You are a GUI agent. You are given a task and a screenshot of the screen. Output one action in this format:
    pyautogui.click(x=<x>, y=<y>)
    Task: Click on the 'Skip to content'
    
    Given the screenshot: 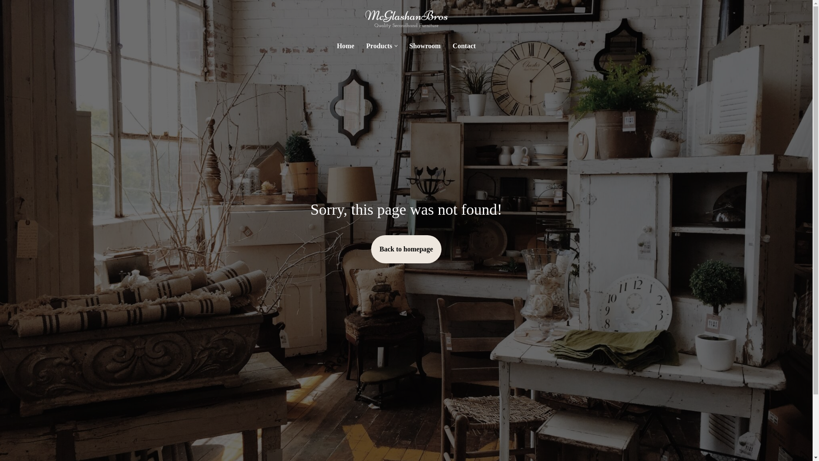 What is the action you would take?
    pyautogui.click(x=6, y=18)
    